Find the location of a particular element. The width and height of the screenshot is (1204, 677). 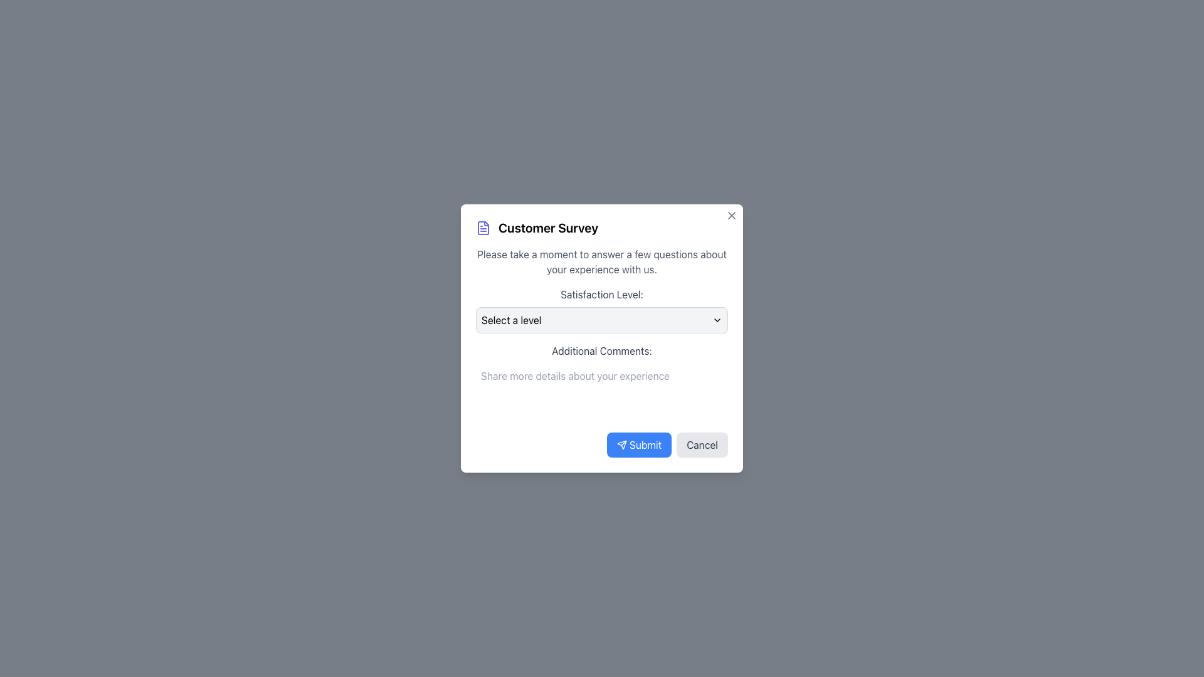

text from the Text Header located at the top section of the dialog box for the customer survey, which is adjacent to a small file icon is located at coordinates (548, 228).